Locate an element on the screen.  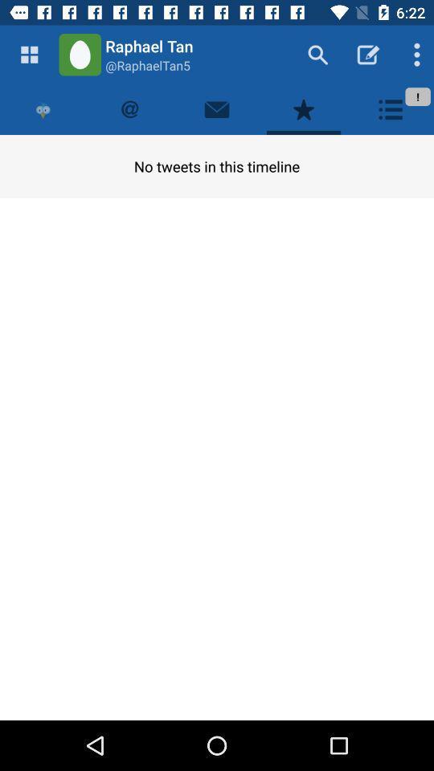
tweets is located at coordinates (129, 108).